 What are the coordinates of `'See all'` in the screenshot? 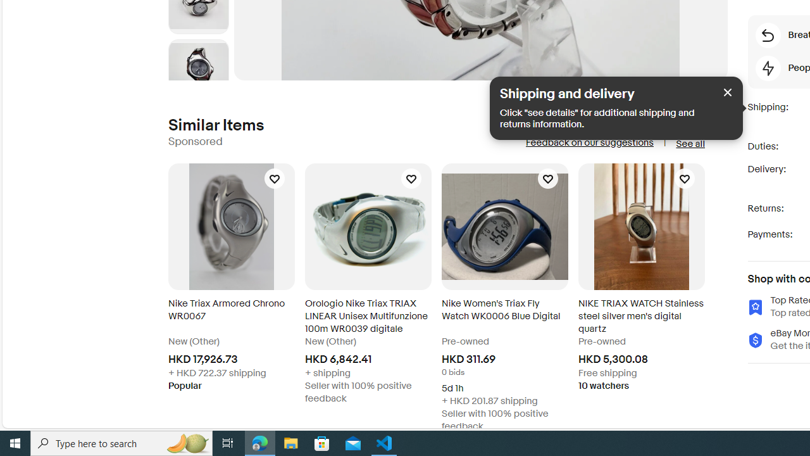 It's located at (689, 143).